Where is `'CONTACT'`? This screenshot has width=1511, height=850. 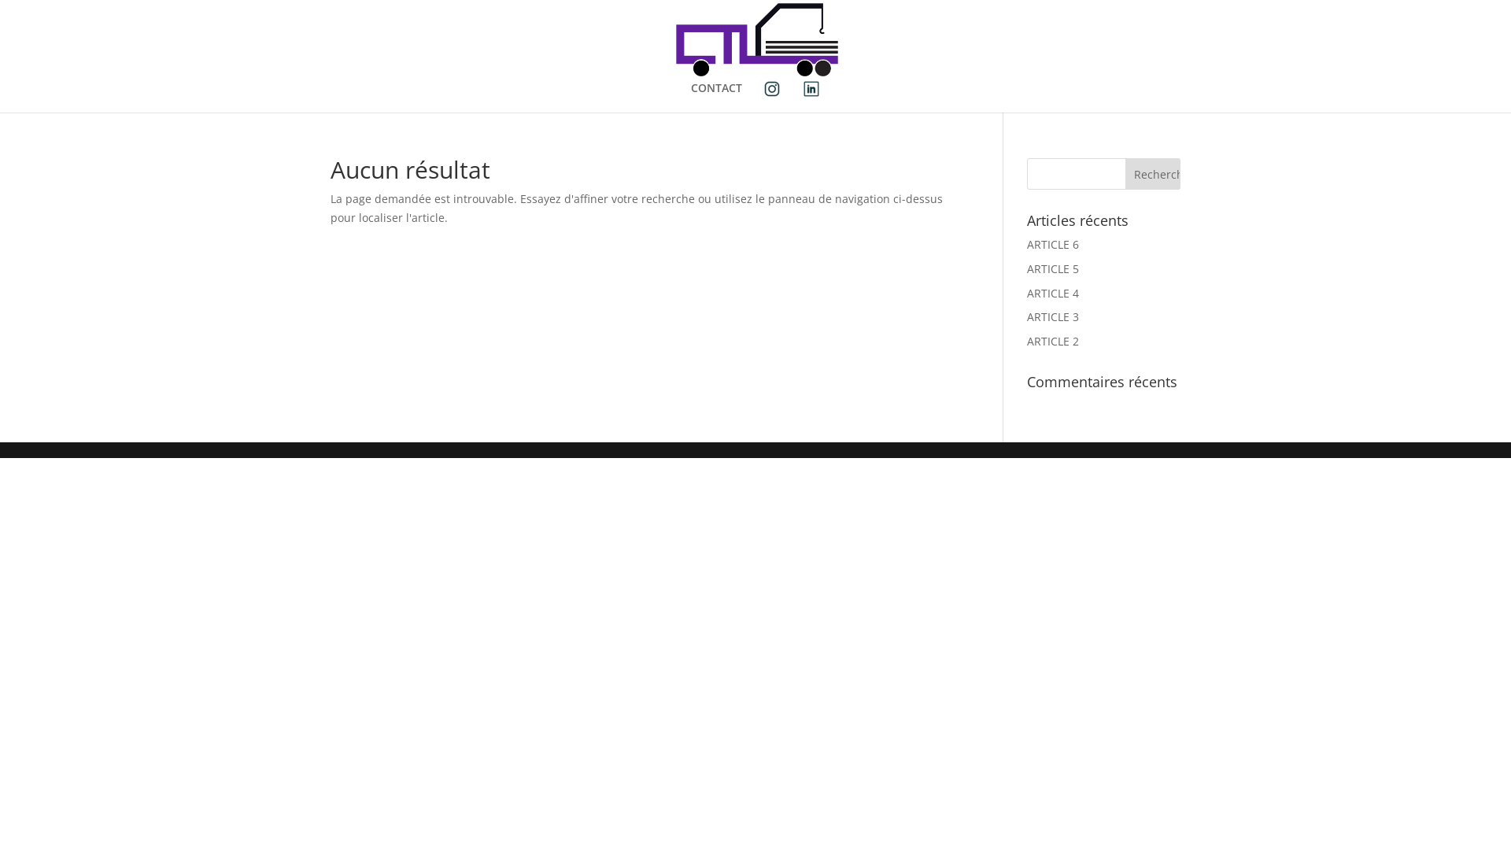 'CONTACT' is located at coordinates (715, 94).